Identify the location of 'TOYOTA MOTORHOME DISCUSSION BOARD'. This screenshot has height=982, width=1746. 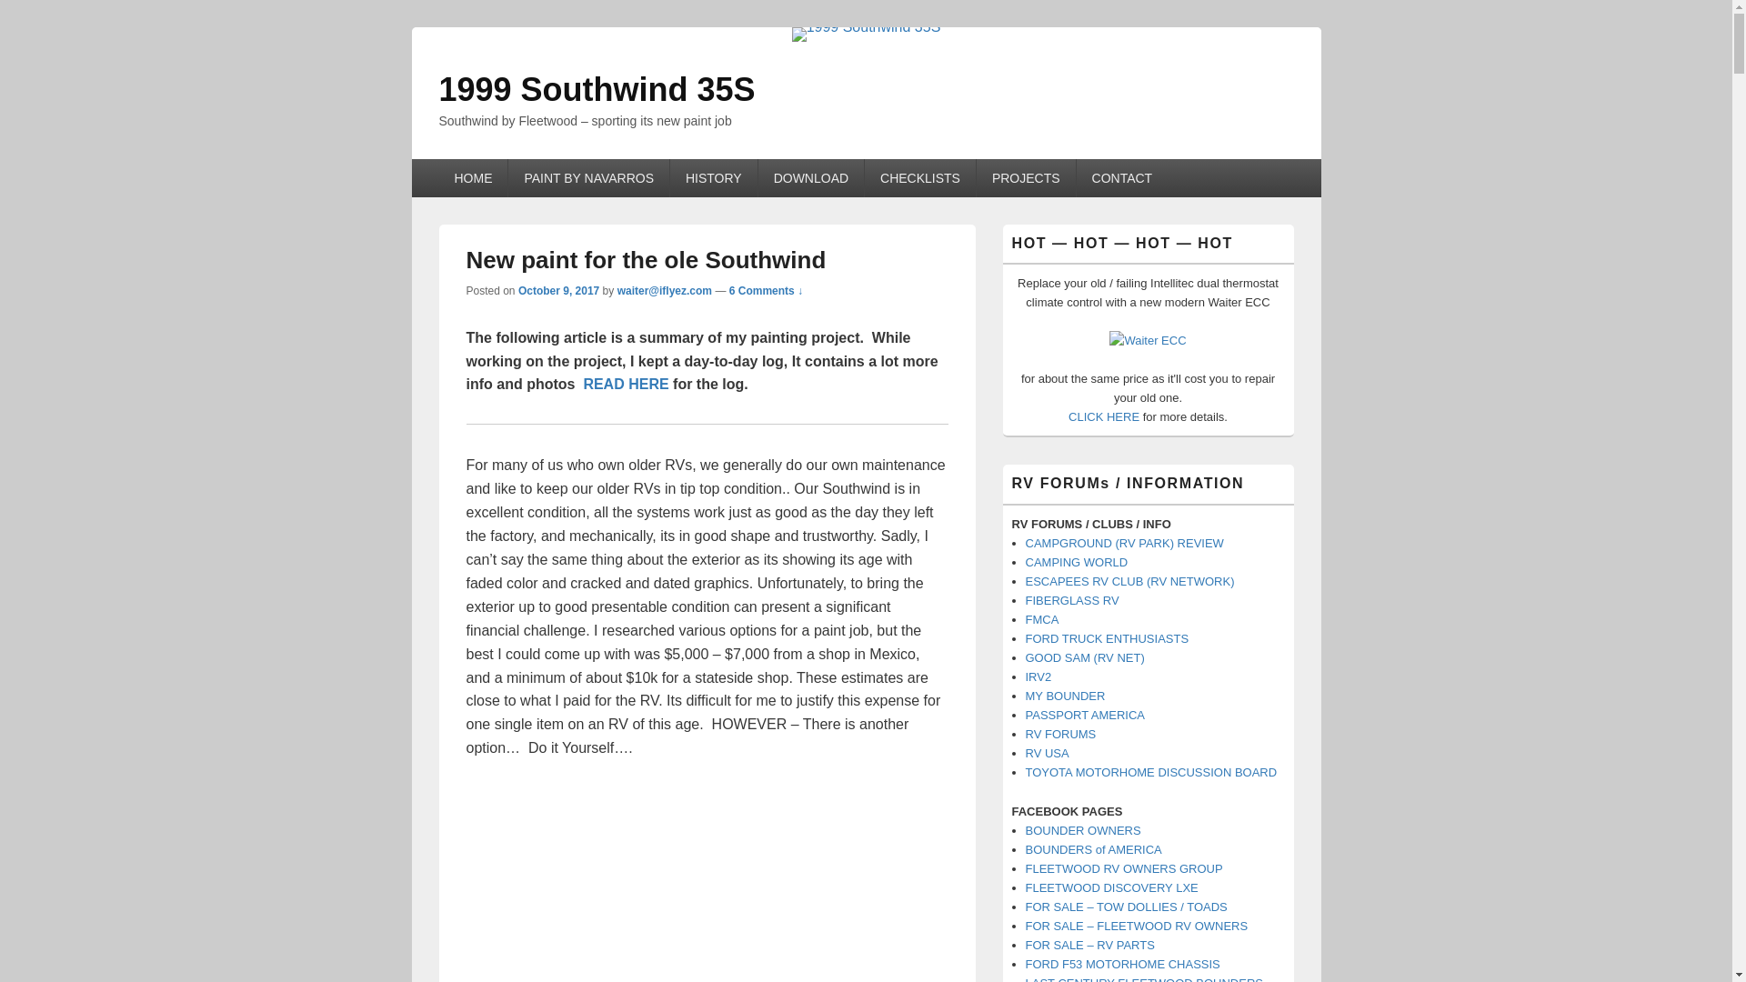
(1026, 772).